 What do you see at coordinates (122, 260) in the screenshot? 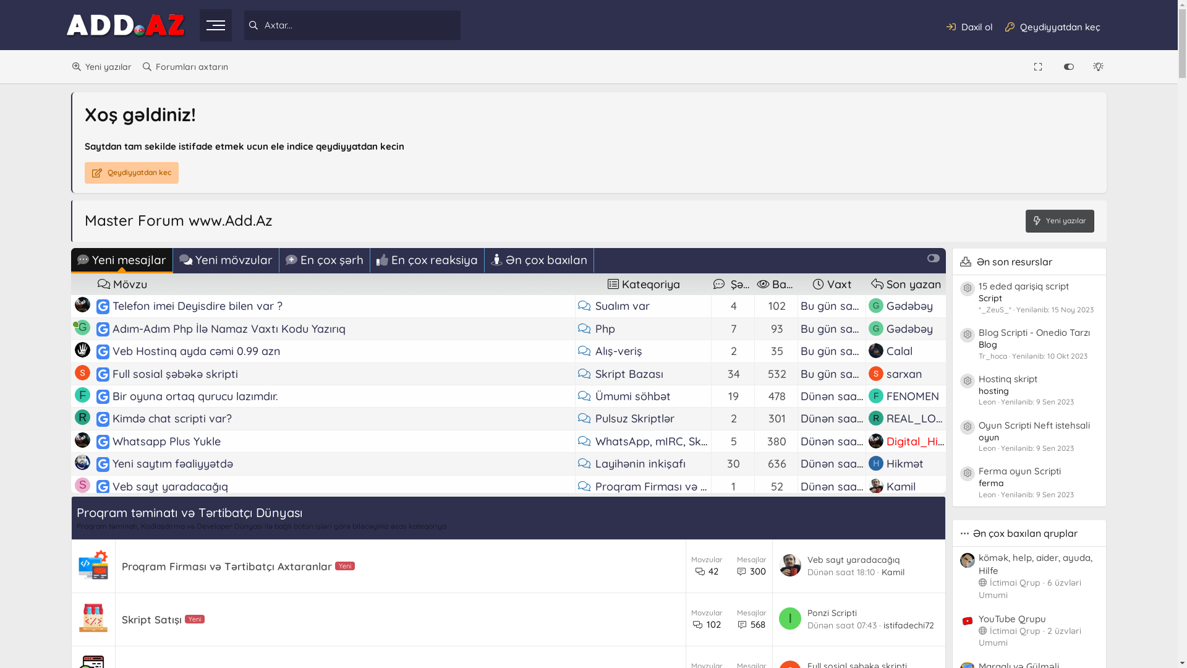
I see `'Yeni mesajlar'` at bounding box center [122, 260].